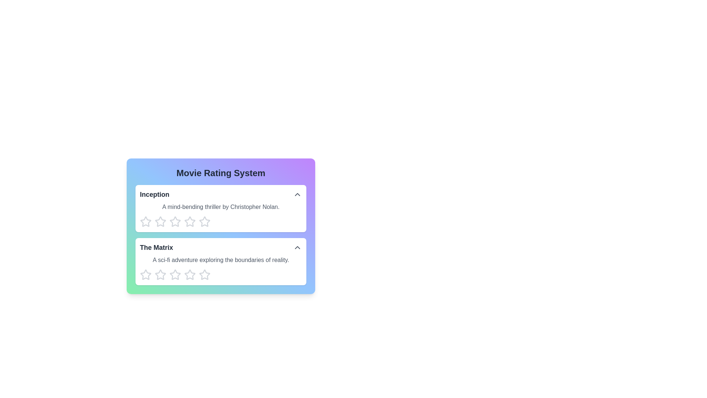 The height and width of the screenshot is (398, 707). What do you see at coordinates (145, 275) in the screenshot?
I see `the first star rating icon for 'The Matrix' to observe the hover effect` at bounding box center [145, 275].